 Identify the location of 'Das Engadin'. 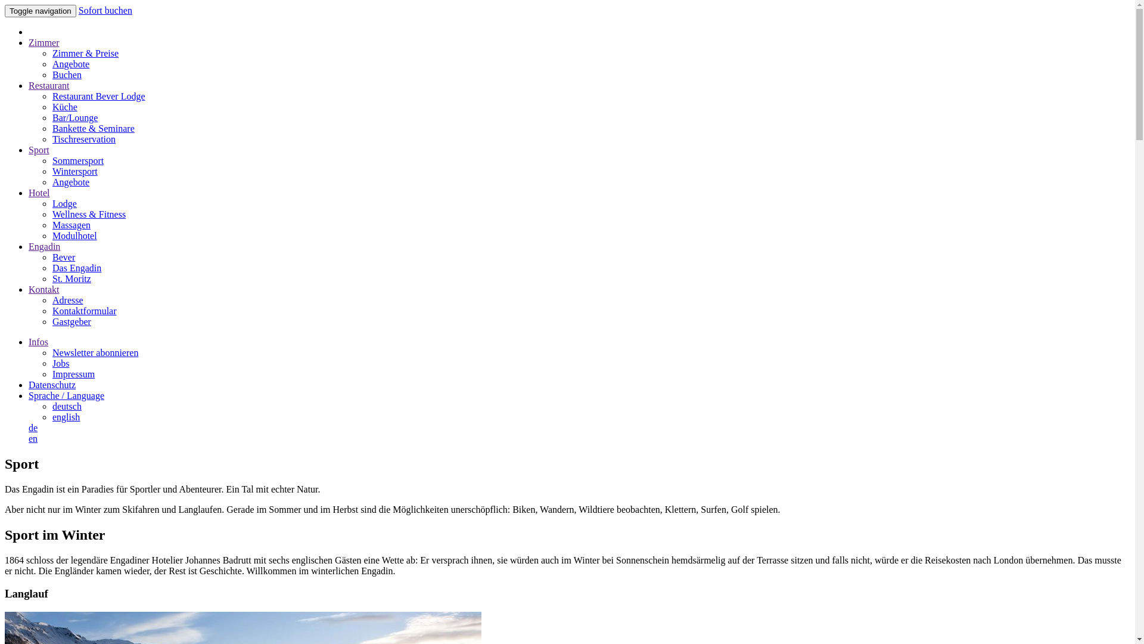
(76, 267).